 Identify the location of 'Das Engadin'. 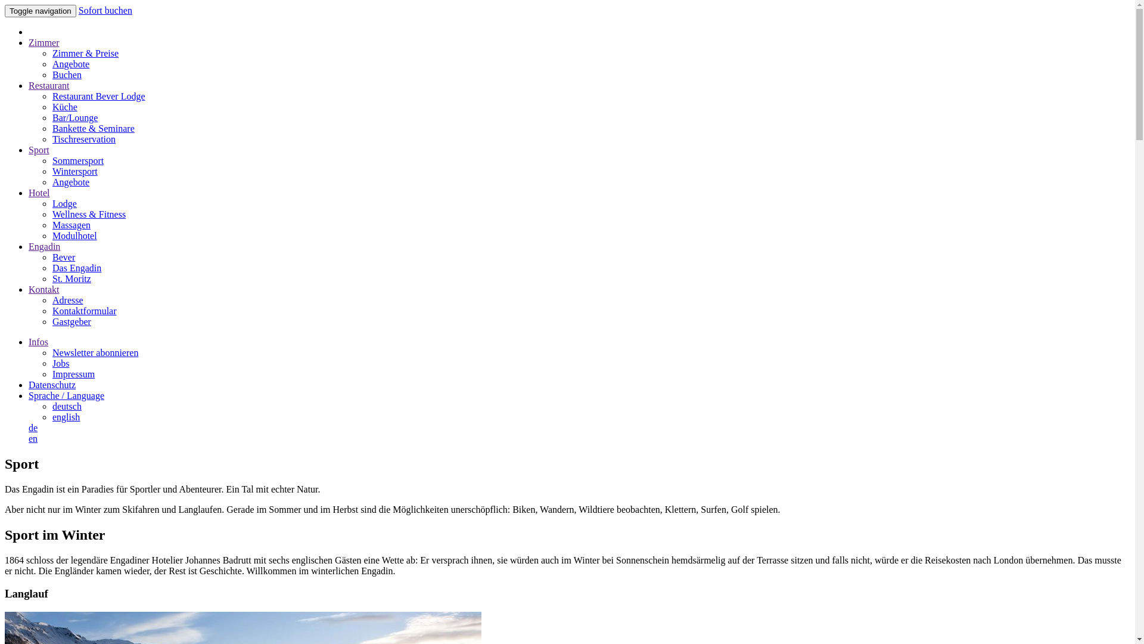
(76, 267).